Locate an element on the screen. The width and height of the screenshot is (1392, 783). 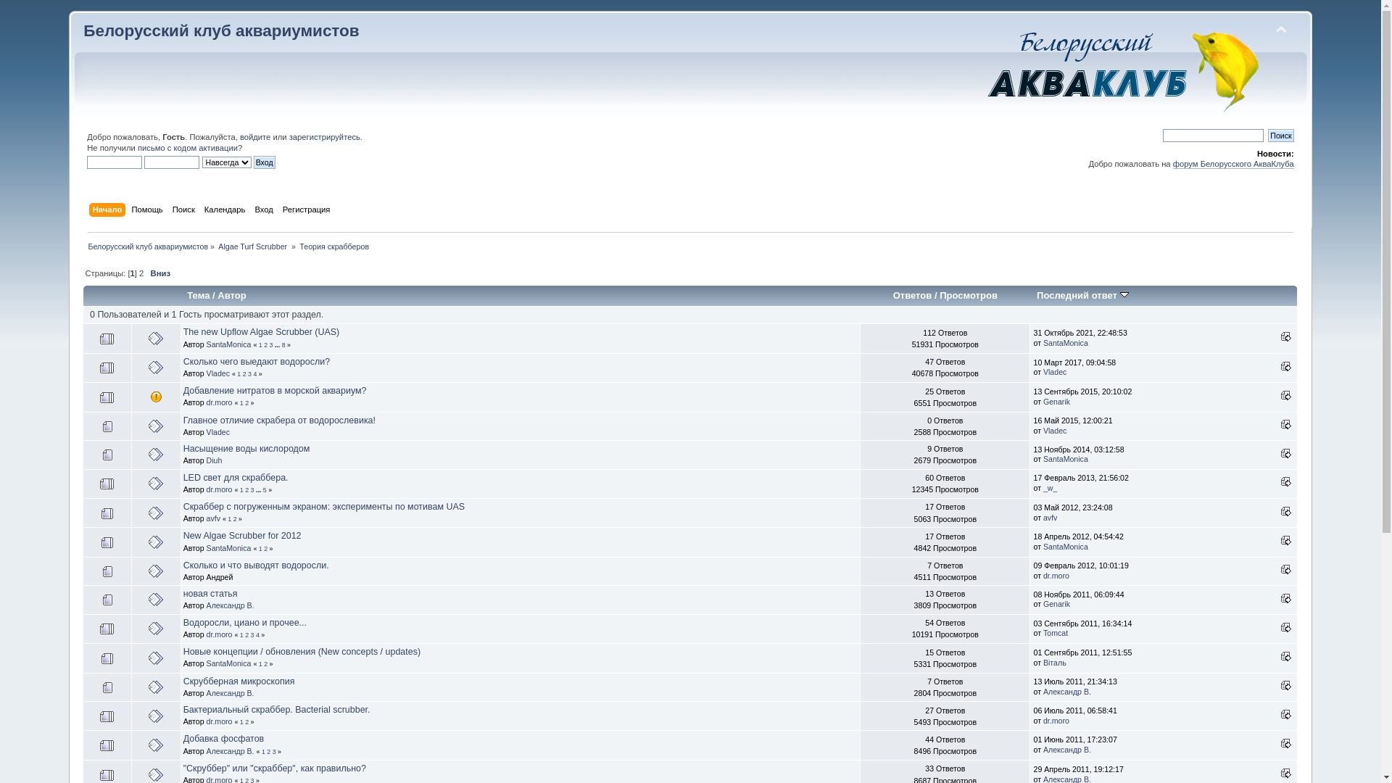
'New Algae Scrubber for 2012' is located at coordinates (242, 536).